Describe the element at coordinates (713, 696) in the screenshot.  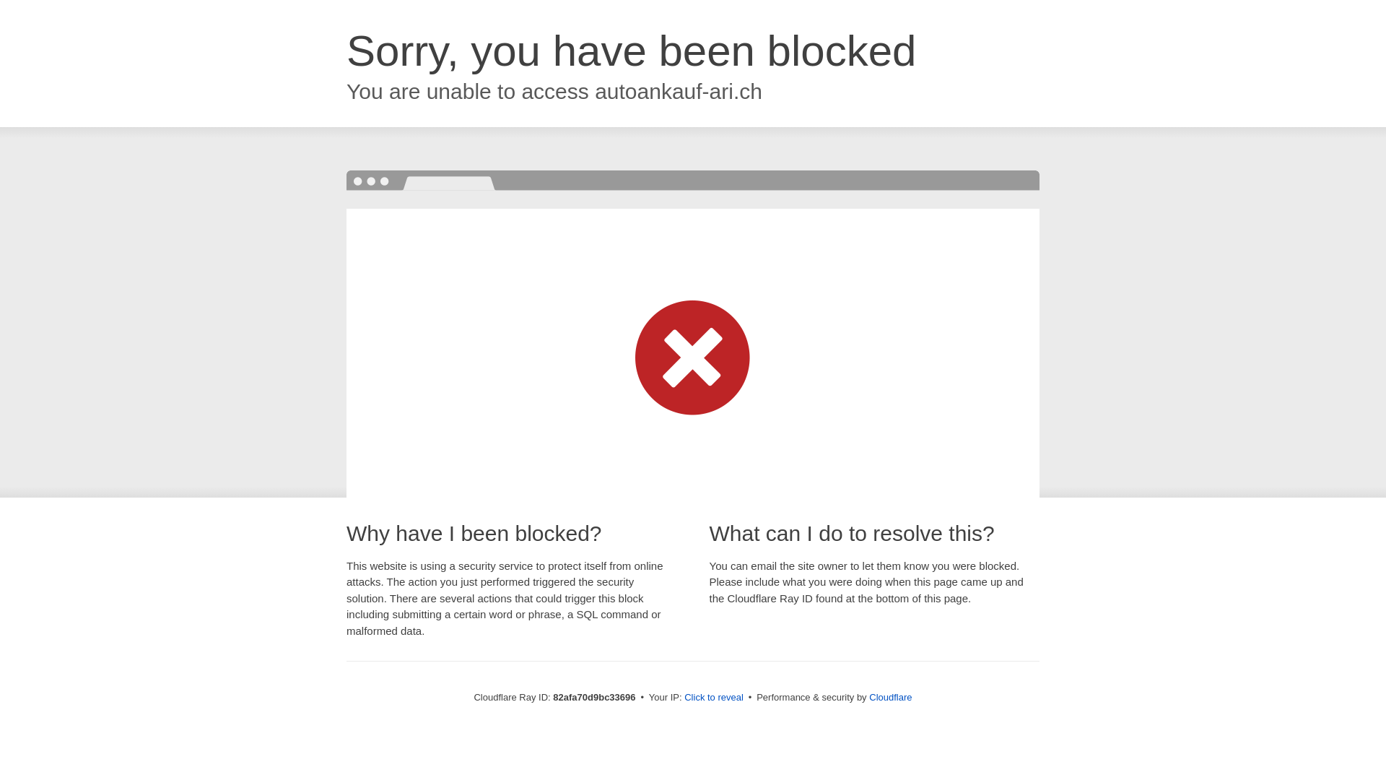
I see `'Click to reveal'` at that location.